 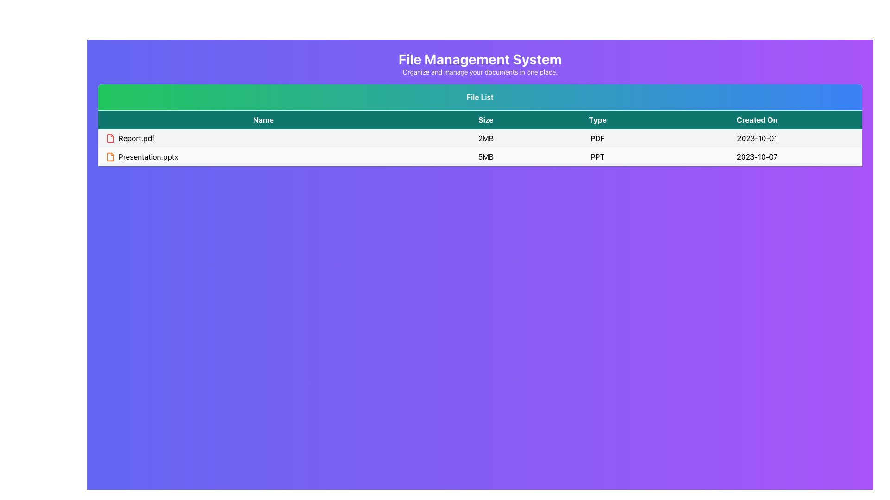 What do you see at coordinates (480, 71) in the screenshot?
I see `text element stating 'Organize and manage your documents in one place.' located below the header 'File Management System.'` at bounding box center [480, 71].